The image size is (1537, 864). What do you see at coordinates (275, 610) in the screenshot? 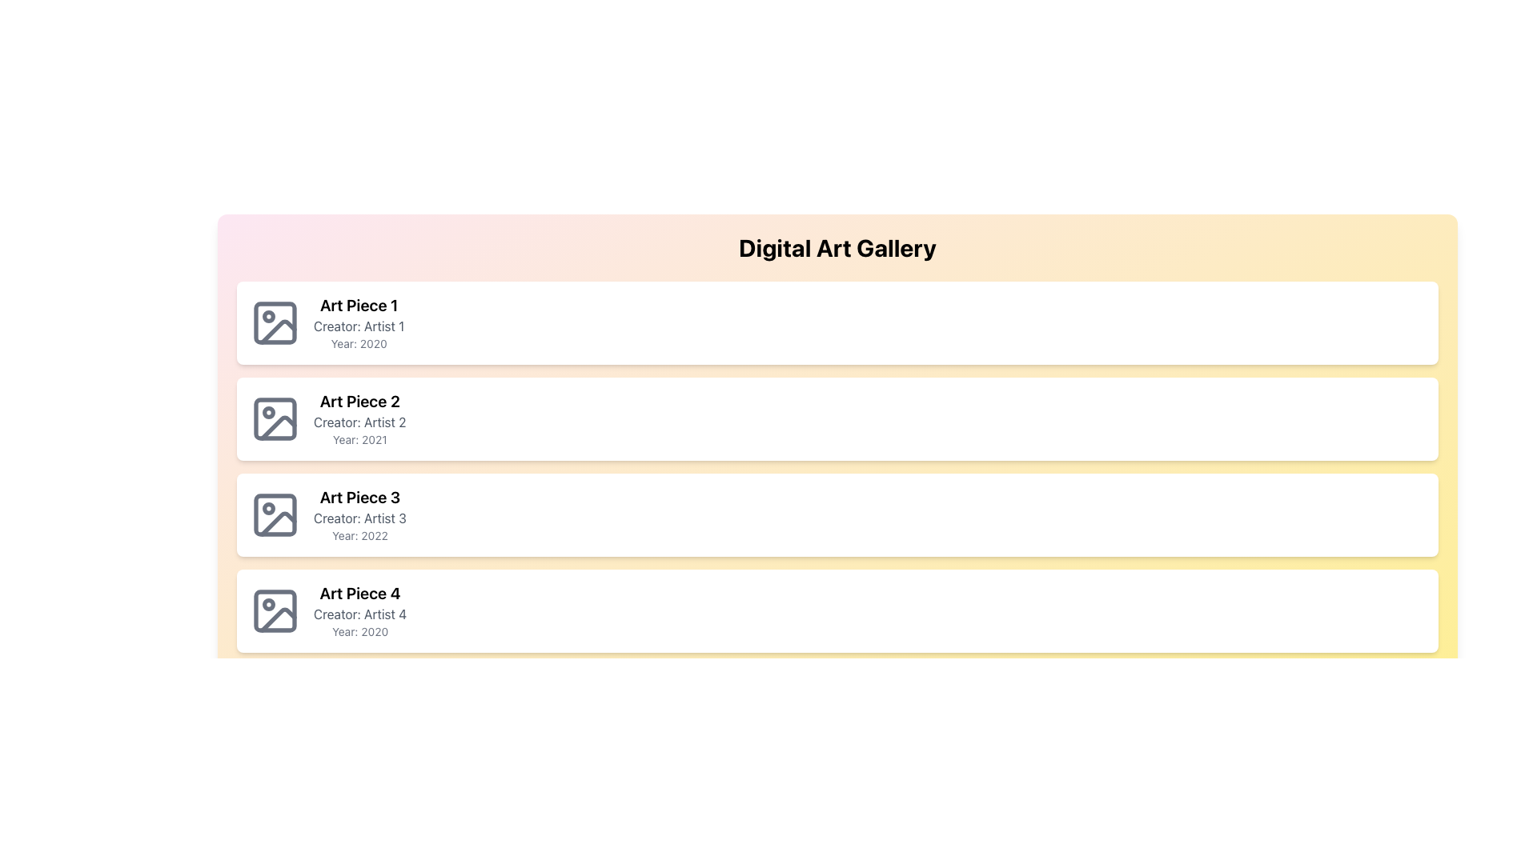
I see `the graphical icon resembling a picture frame containing a circle located on the left within the row labeled 'Art Piece 4' in the 'Digital Art Gallery' interface` at bounding box center [275, 610].